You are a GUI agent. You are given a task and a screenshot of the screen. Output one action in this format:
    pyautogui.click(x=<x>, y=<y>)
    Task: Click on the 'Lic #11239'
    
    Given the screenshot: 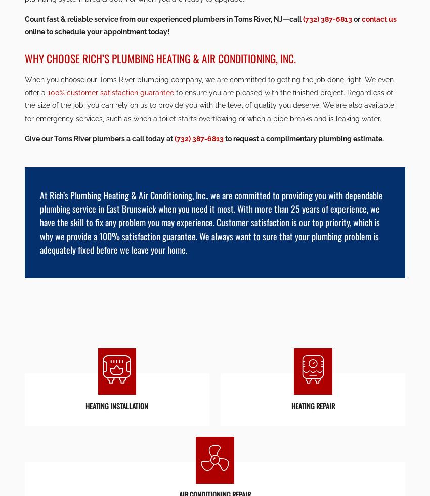 What is the action you would take?
    pyautogui.click(x=214, y=57)
    